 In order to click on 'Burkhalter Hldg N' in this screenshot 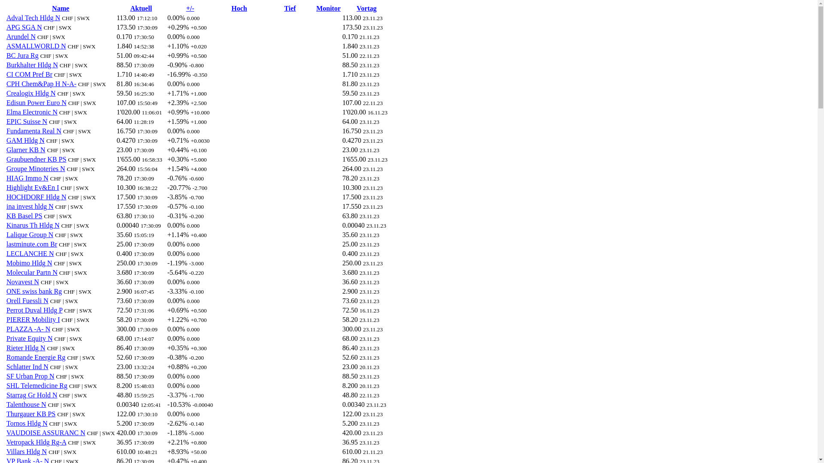, I will do `click(32, 64)`.